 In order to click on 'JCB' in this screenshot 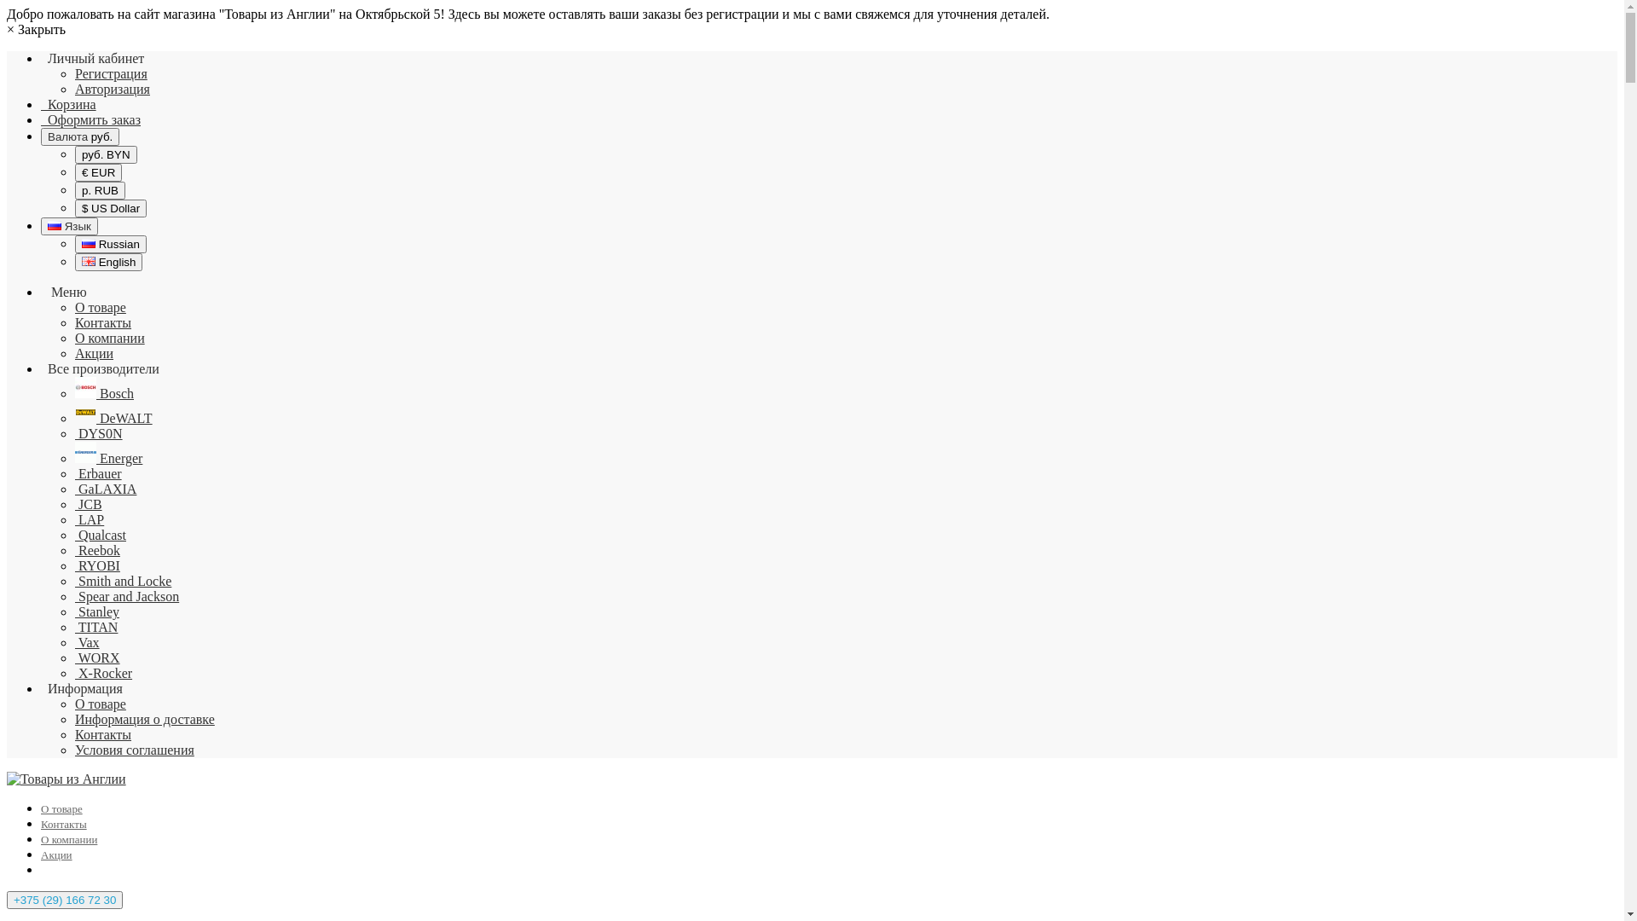, I will do `click(88, 503)`.